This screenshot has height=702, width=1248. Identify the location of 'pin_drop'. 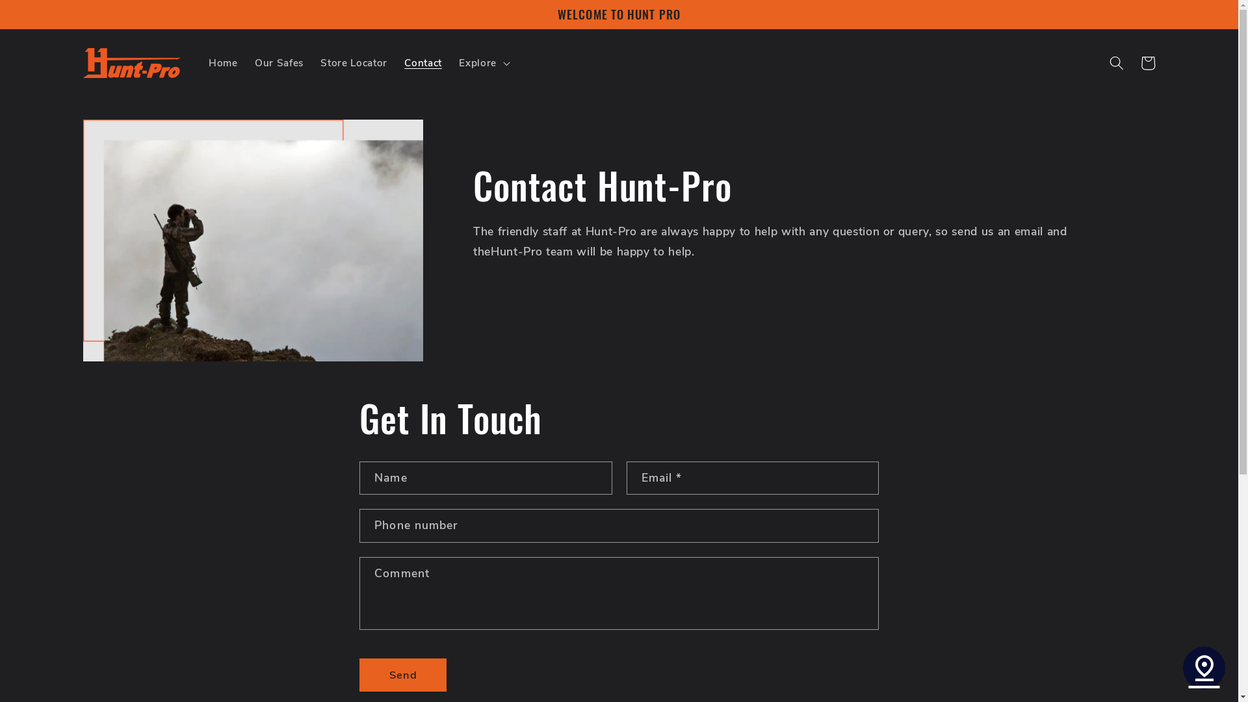
(1203, 668).